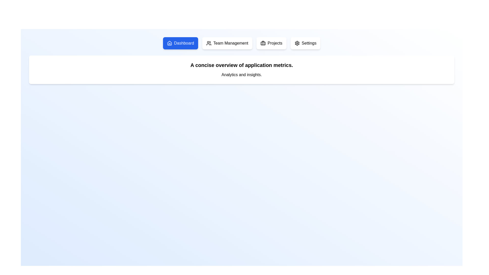  What do you see at coordinates (305, 43) in the screenshot?
I see `the 'Settings' button, which is a rectangular button with a rounded border located immediately to the right of the 'Projects' button` at bounding box center [305, 43].